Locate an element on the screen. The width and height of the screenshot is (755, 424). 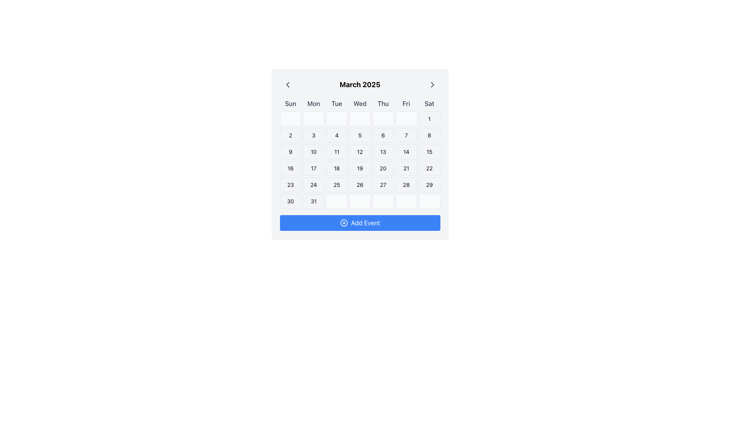
the date '31' button in the calendar is located at coordinates (313, 201).